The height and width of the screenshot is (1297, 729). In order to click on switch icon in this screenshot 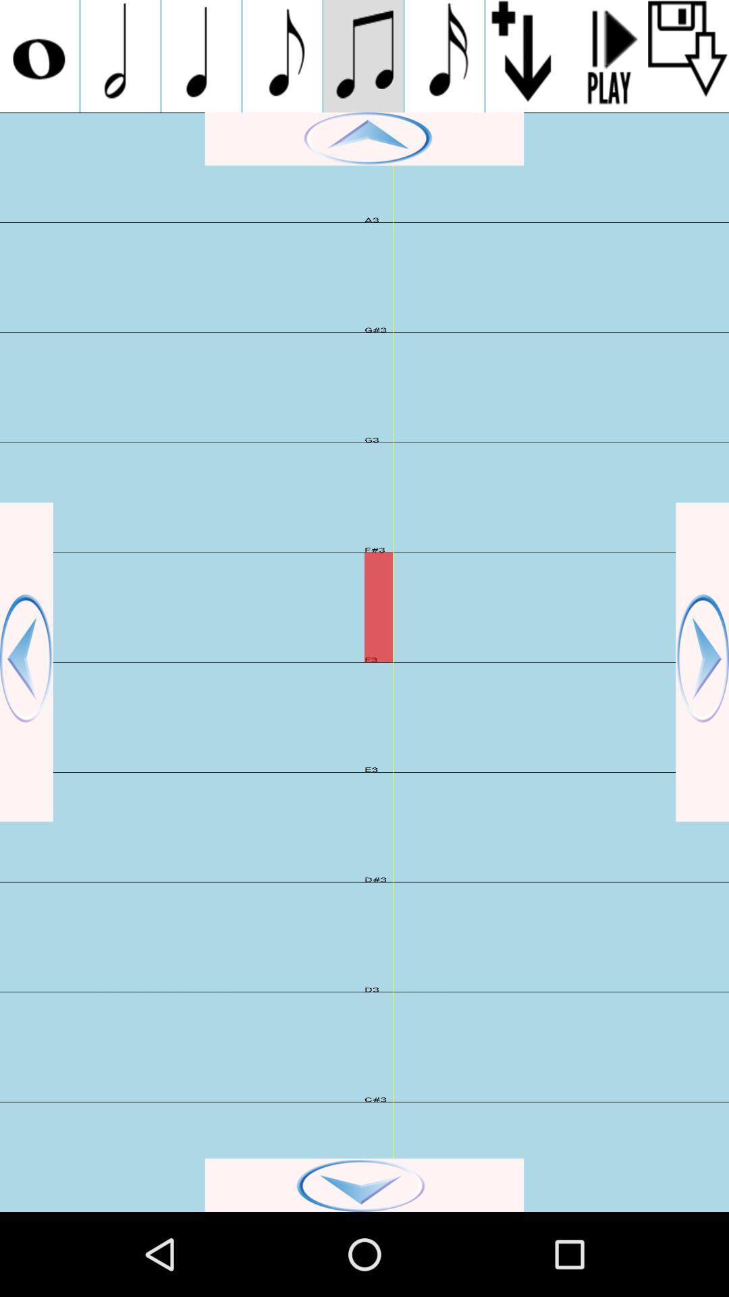, I will do `click(119, 55)`.